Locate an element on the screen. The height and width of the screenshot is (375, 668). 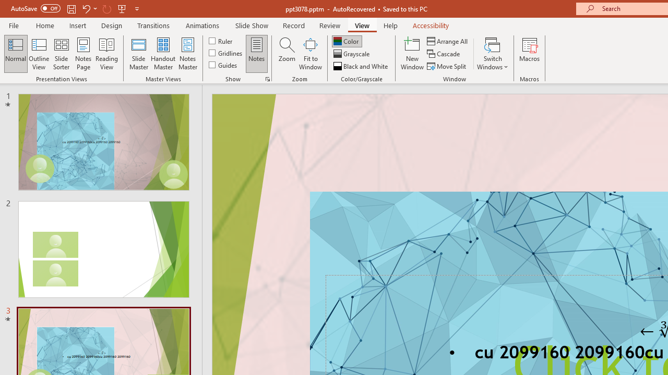
'Grayscale' is located at coordinates (352, 54).